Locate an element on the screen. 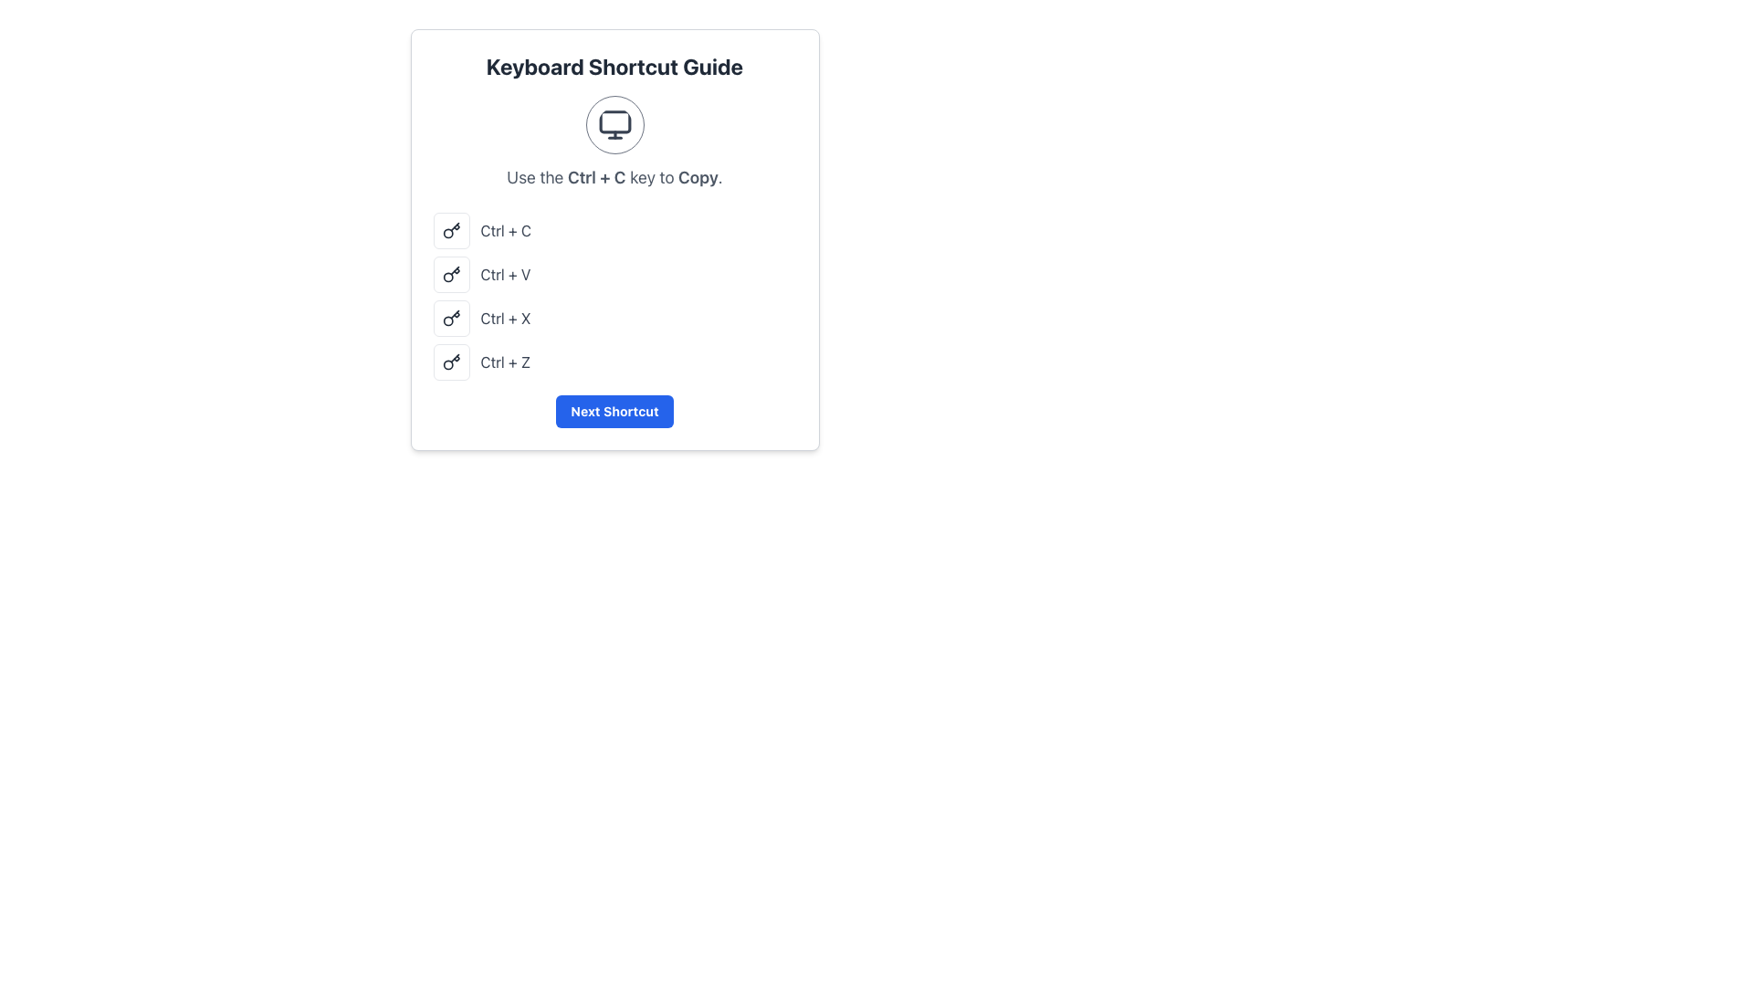 This screenshot has height=986, width=1753. word 'Copy' from the Text Label located to the right of 'Ctrl + C' within the instruction text is located at coordinates (697, 177).